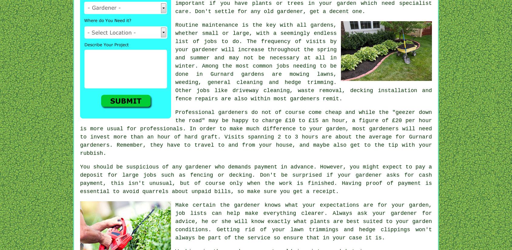 Image resolution: width=512 pixels, height=250 pixels. What do you see at coordinates (320, 192) in the screenshot?
I see `'a receipt'` at bounding box center [320, 192].